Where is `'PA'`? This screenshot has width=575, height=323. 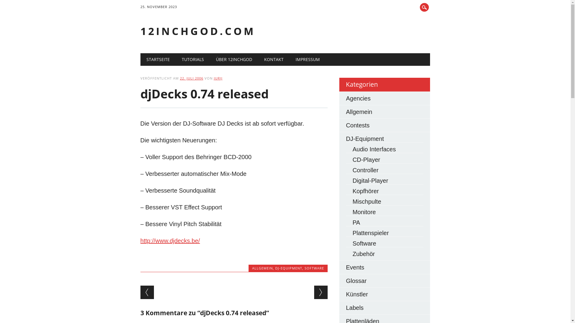 'PA' is located at coordinates (356, 223).